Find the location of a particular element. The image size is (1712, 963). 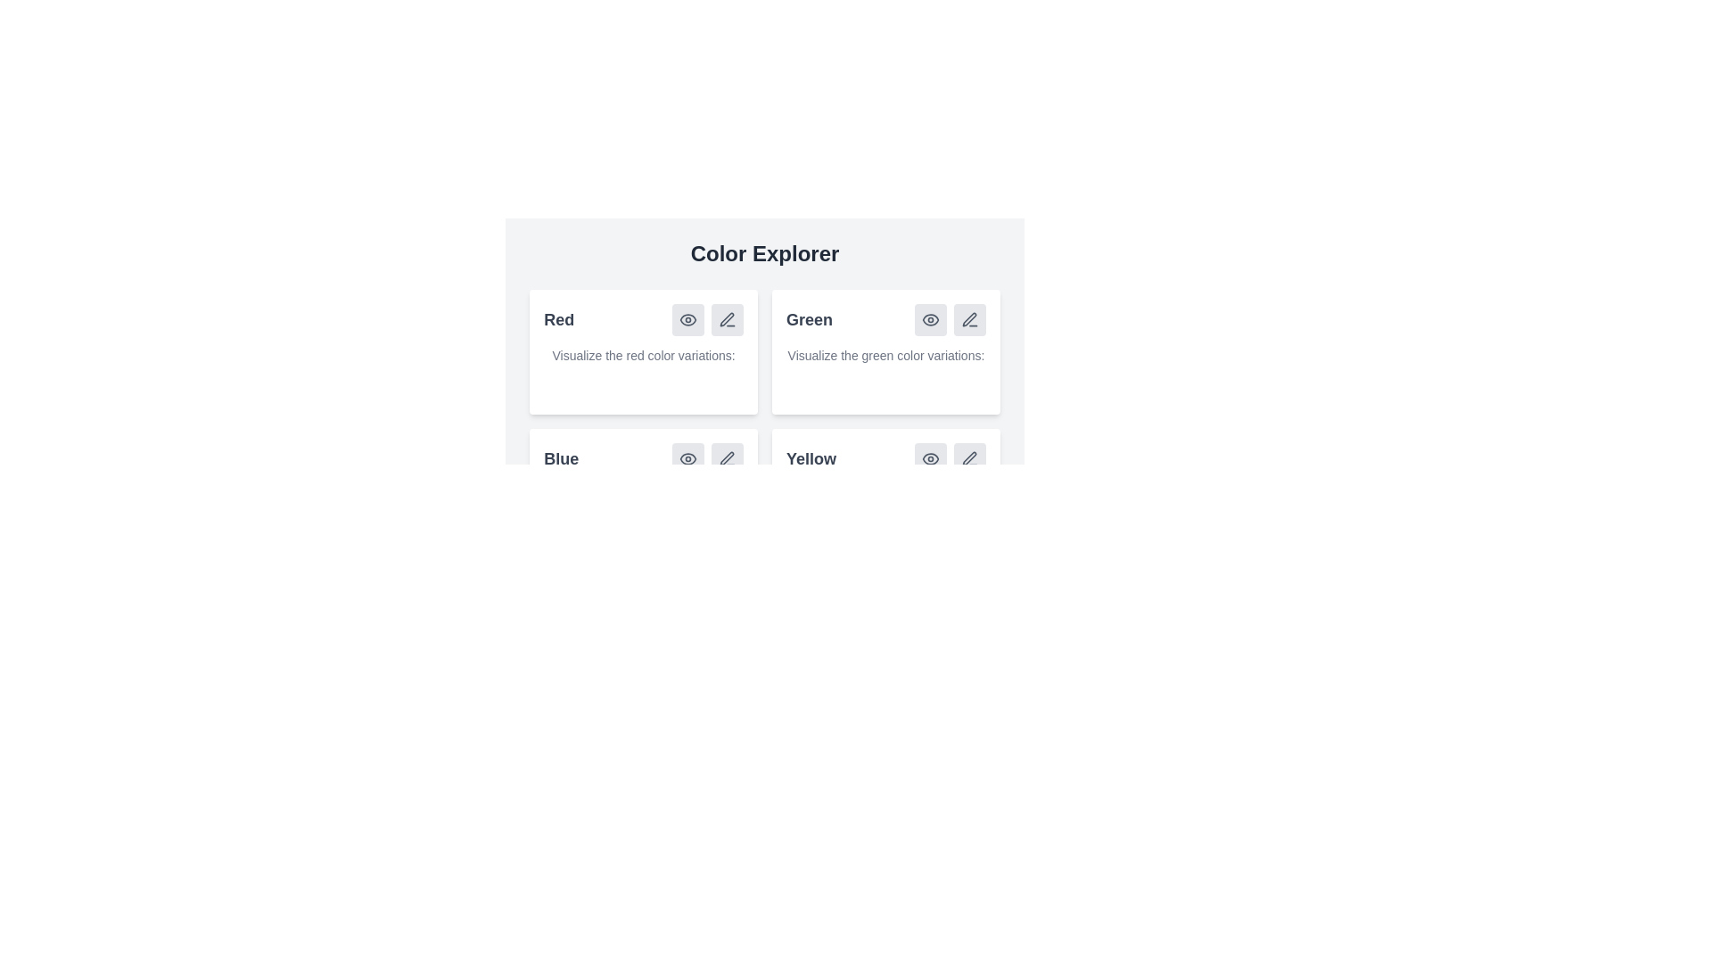

the graphical representation of the pen icon located in the bottom-left card of the 'Blue' color category is located at coordinates (727, 457).